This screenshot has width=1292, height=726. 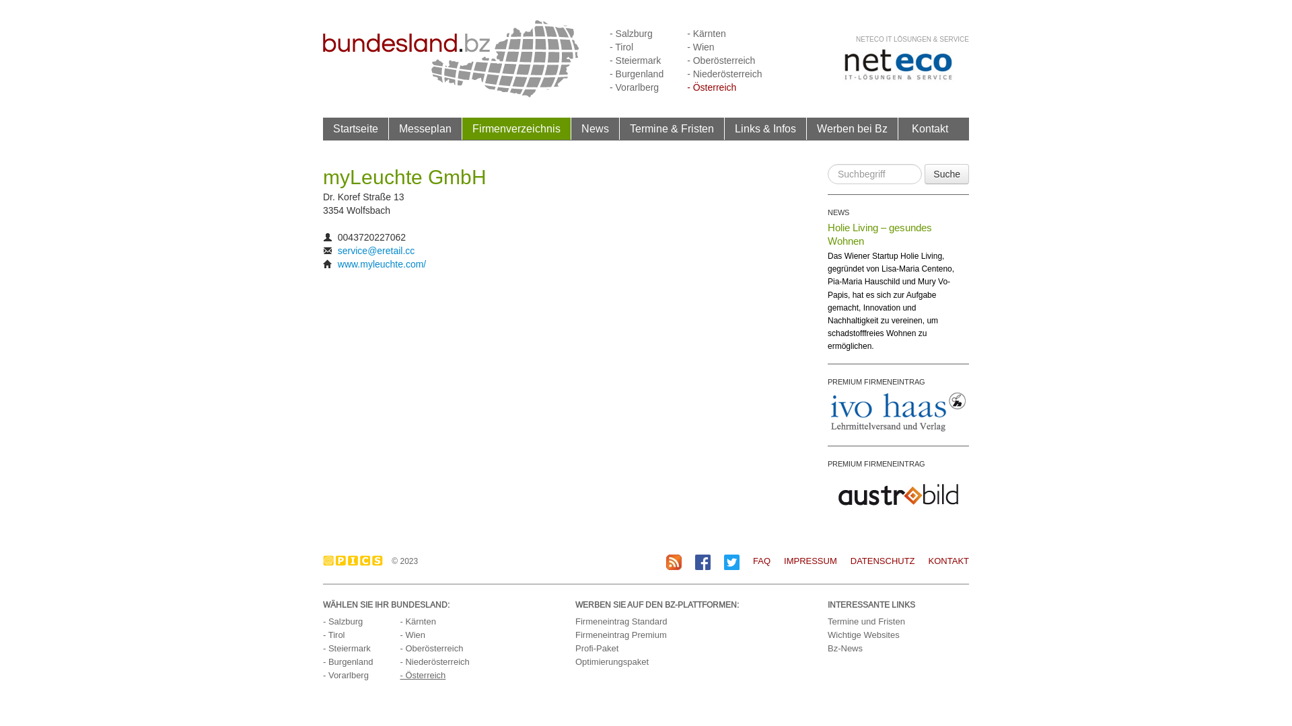 What do you see at coordinates (765, 128) in the screenshot?
I see `'Links & Infos'` at bounding box center [765, 128].